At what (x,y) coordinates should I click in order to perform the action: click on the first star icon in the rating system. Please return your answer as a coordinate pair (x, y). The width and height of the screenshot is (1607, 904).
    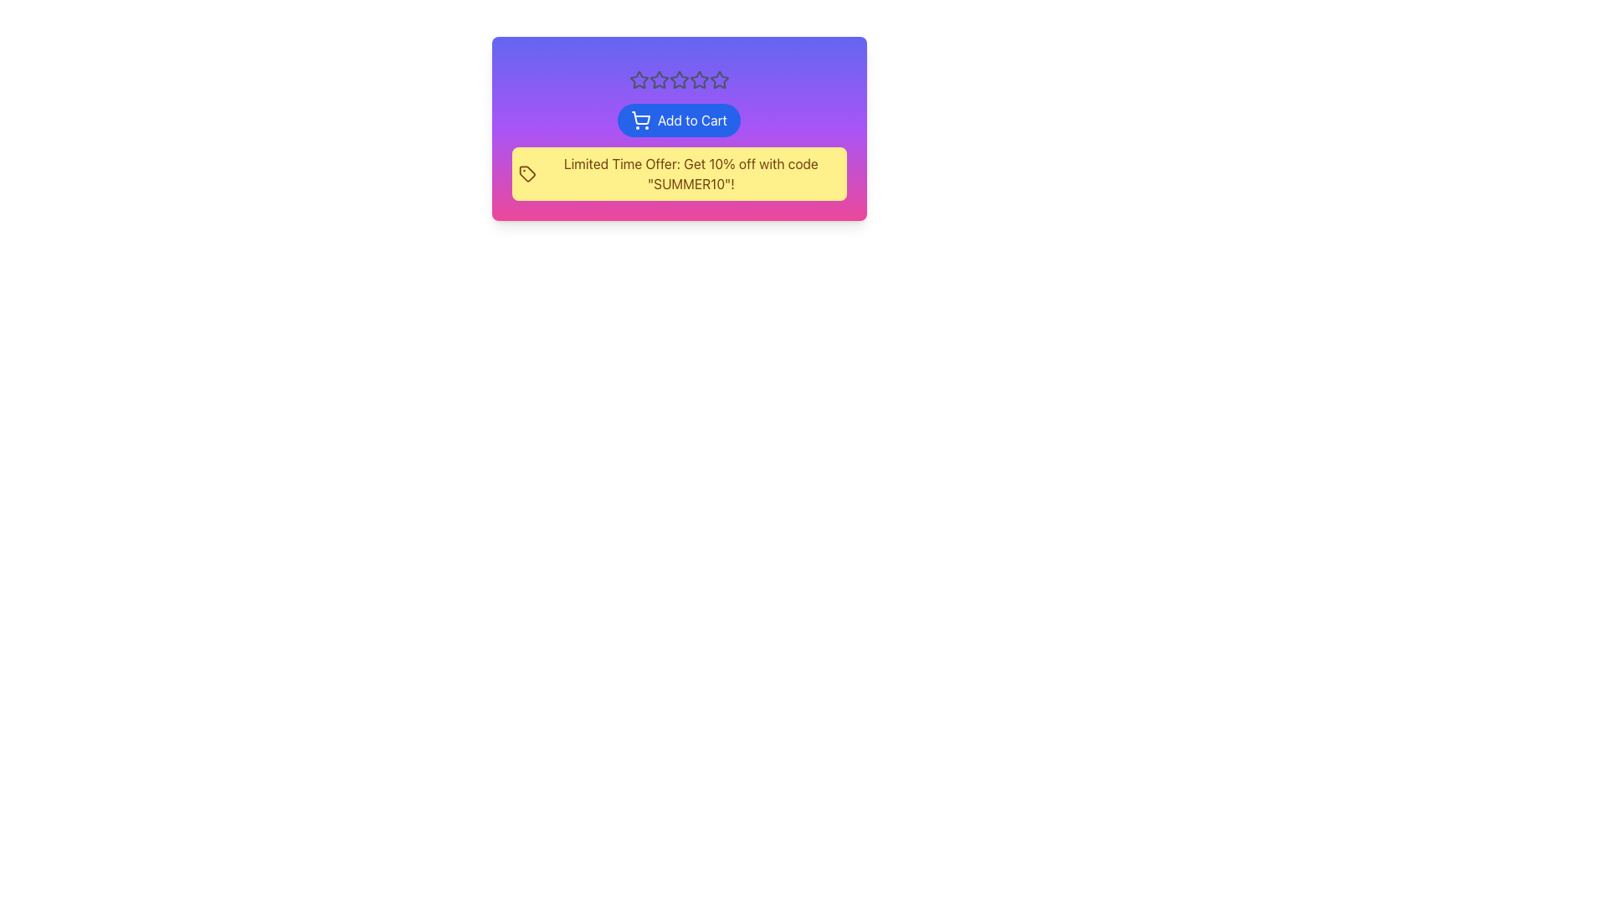
    Looking at the image, I should click on (658, 80).